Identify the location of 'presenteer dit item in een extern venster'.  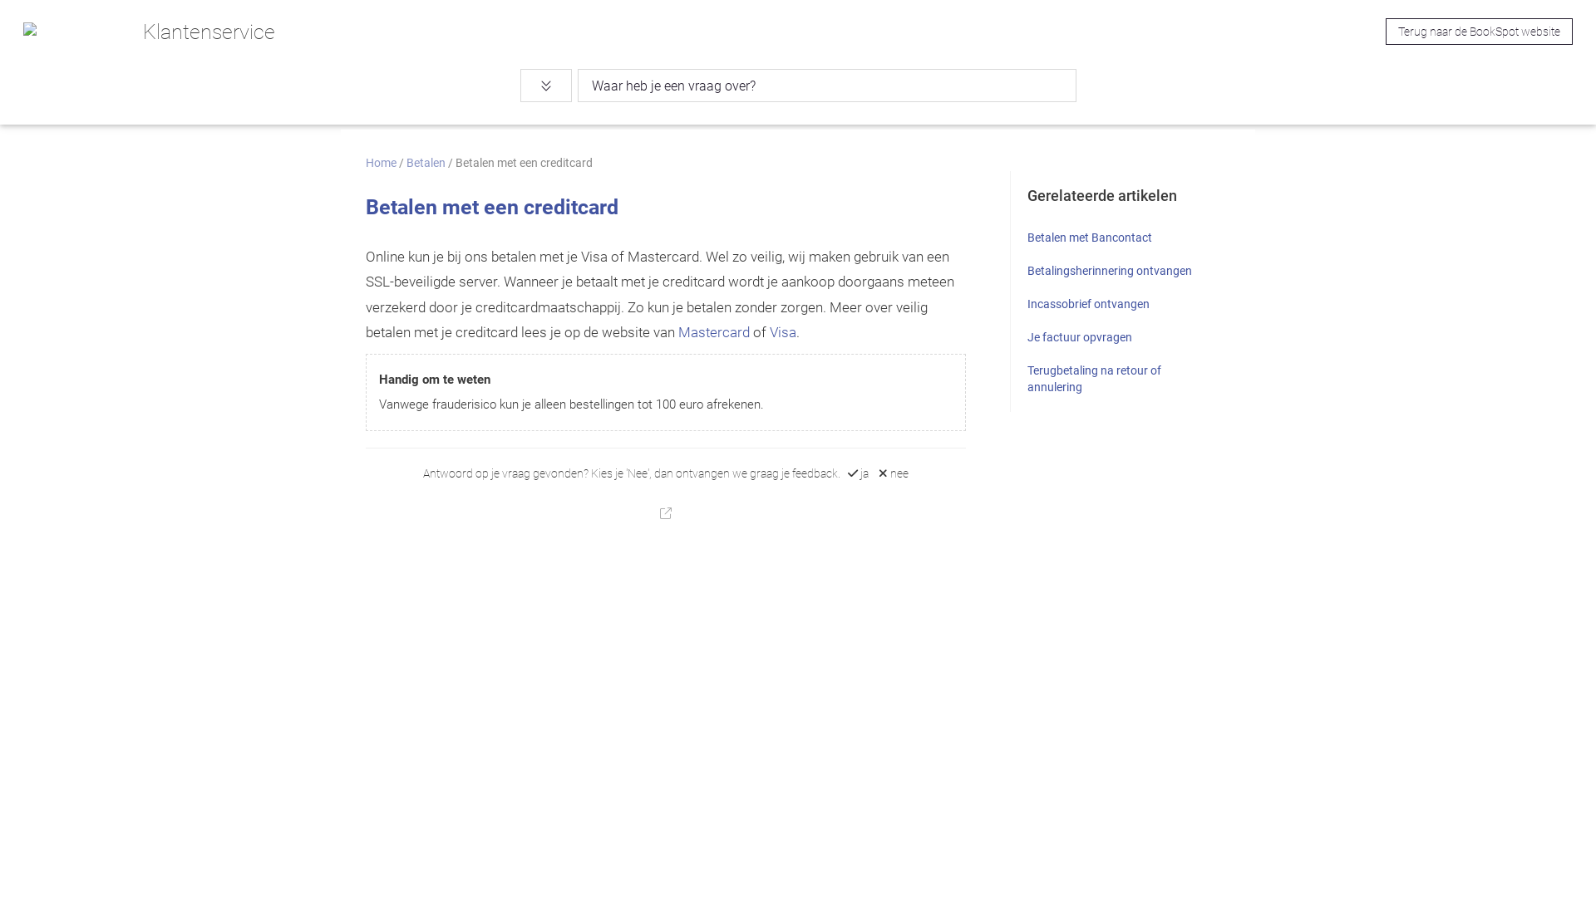
(666, 512).